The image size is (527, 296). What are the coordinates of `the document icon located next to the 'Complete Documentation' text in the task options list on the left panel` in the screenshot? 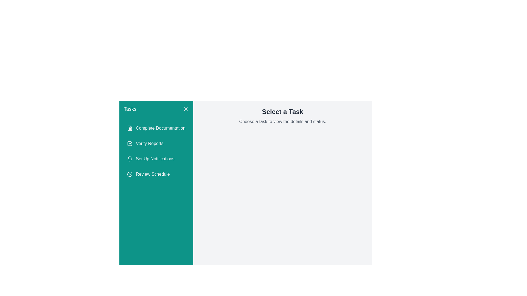 It's located at (130, 128).